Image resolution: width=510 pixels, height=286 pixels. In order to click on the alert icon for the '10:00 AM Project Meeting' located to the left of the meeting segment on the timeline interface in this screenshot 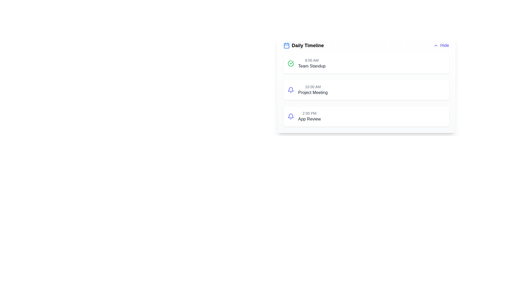, I will do `click(290, 90)`.